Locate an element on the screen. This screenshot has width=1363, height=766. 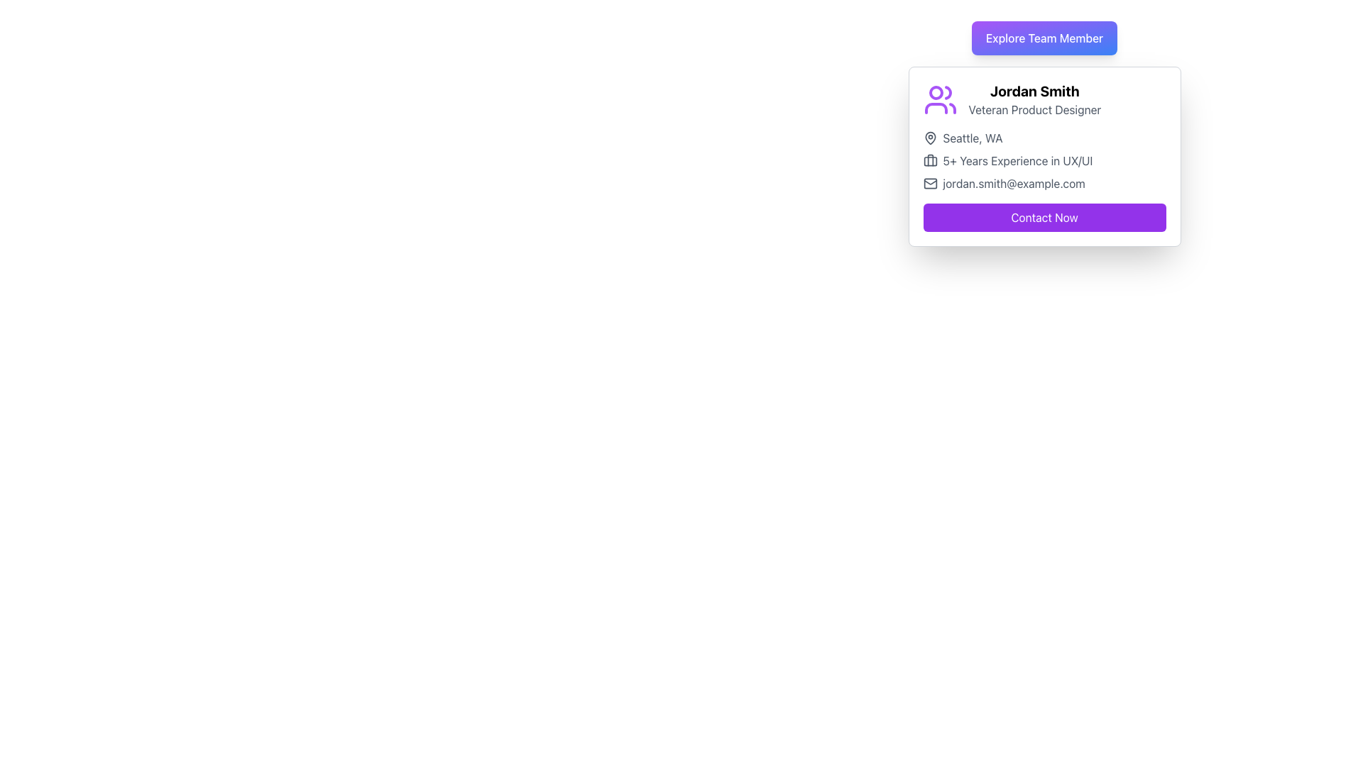
the decorative icon located to the left of the email address 'jordan.smith@example.com' is located at coordinates (930, 182).